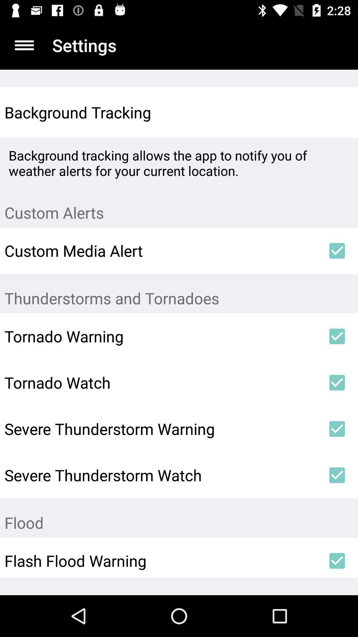 This screenshot has width=358, height=637. What do you see at coordinates (337, 560) in the screenshot?
I see `item below the flood item` at bounding box center [337, 560].